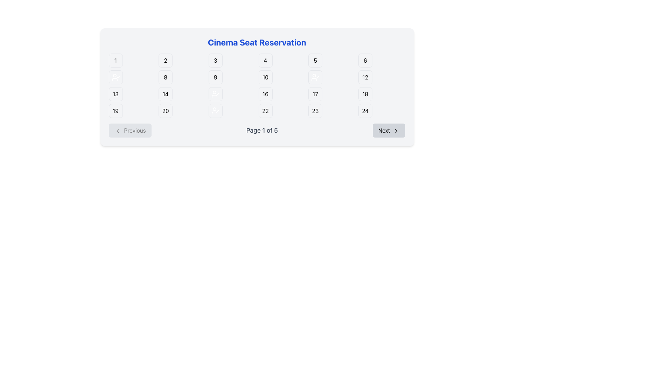 The height and width of the screenshot is (378, 672). What do you see at coordinates (115, 110) in the screenshot?
I see `the selectable seat number '19' in the cinema reservation system, located in the bottom-left corner of the grid layout` at bounding box center [115, 110].